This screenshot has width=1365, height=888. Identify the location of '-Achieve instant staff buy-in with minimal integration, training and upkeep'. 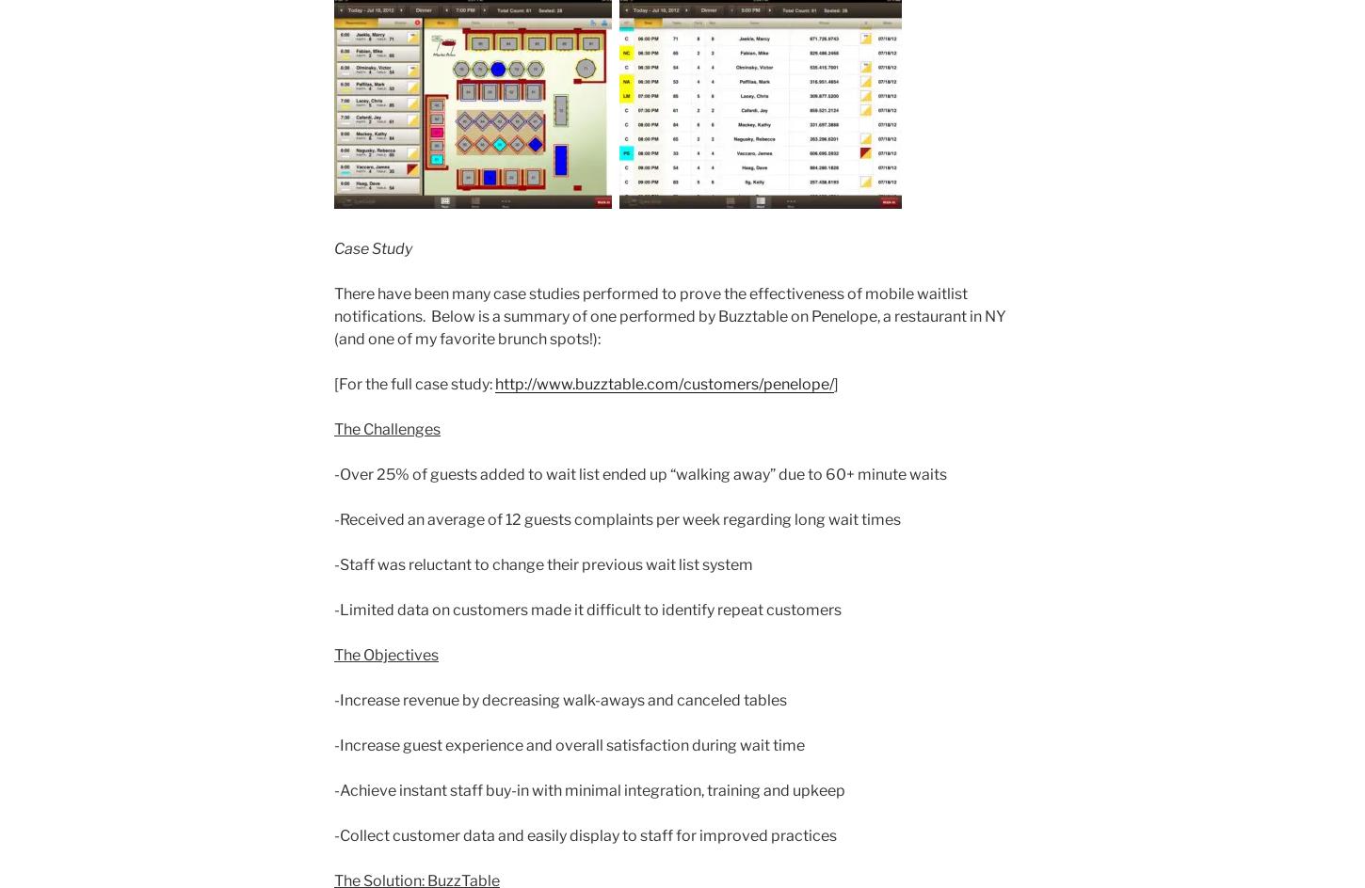
(588, 790).